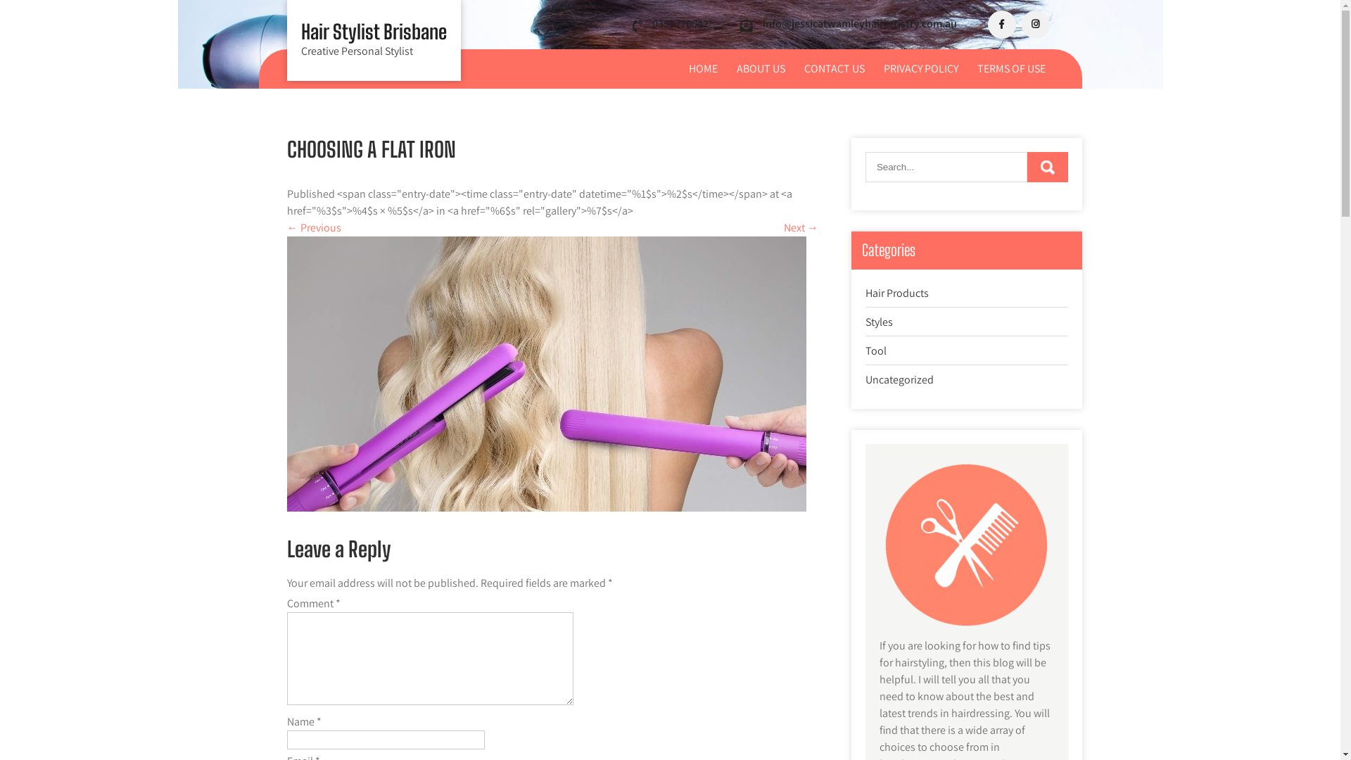  What do you see at coordinates (759, 68) in the screenshot?
I see `'ABOUT US'` at bounding box center [759, 68].